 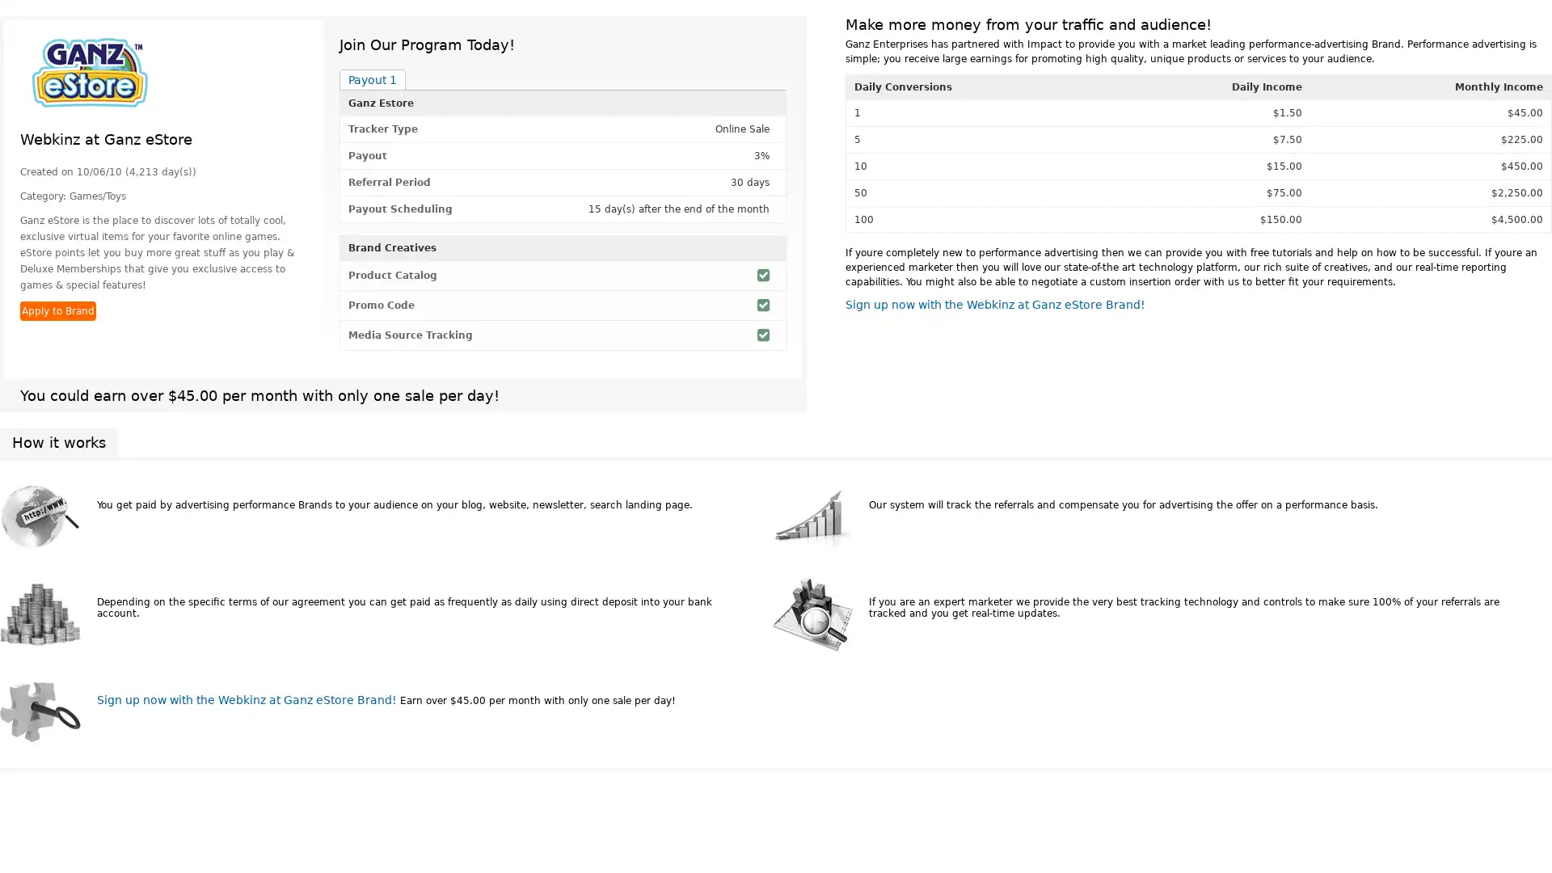 What do you see at coordinates (58, 311) in the screenshot?
I see `Apply to Brand` at bounding box center [58, 311].